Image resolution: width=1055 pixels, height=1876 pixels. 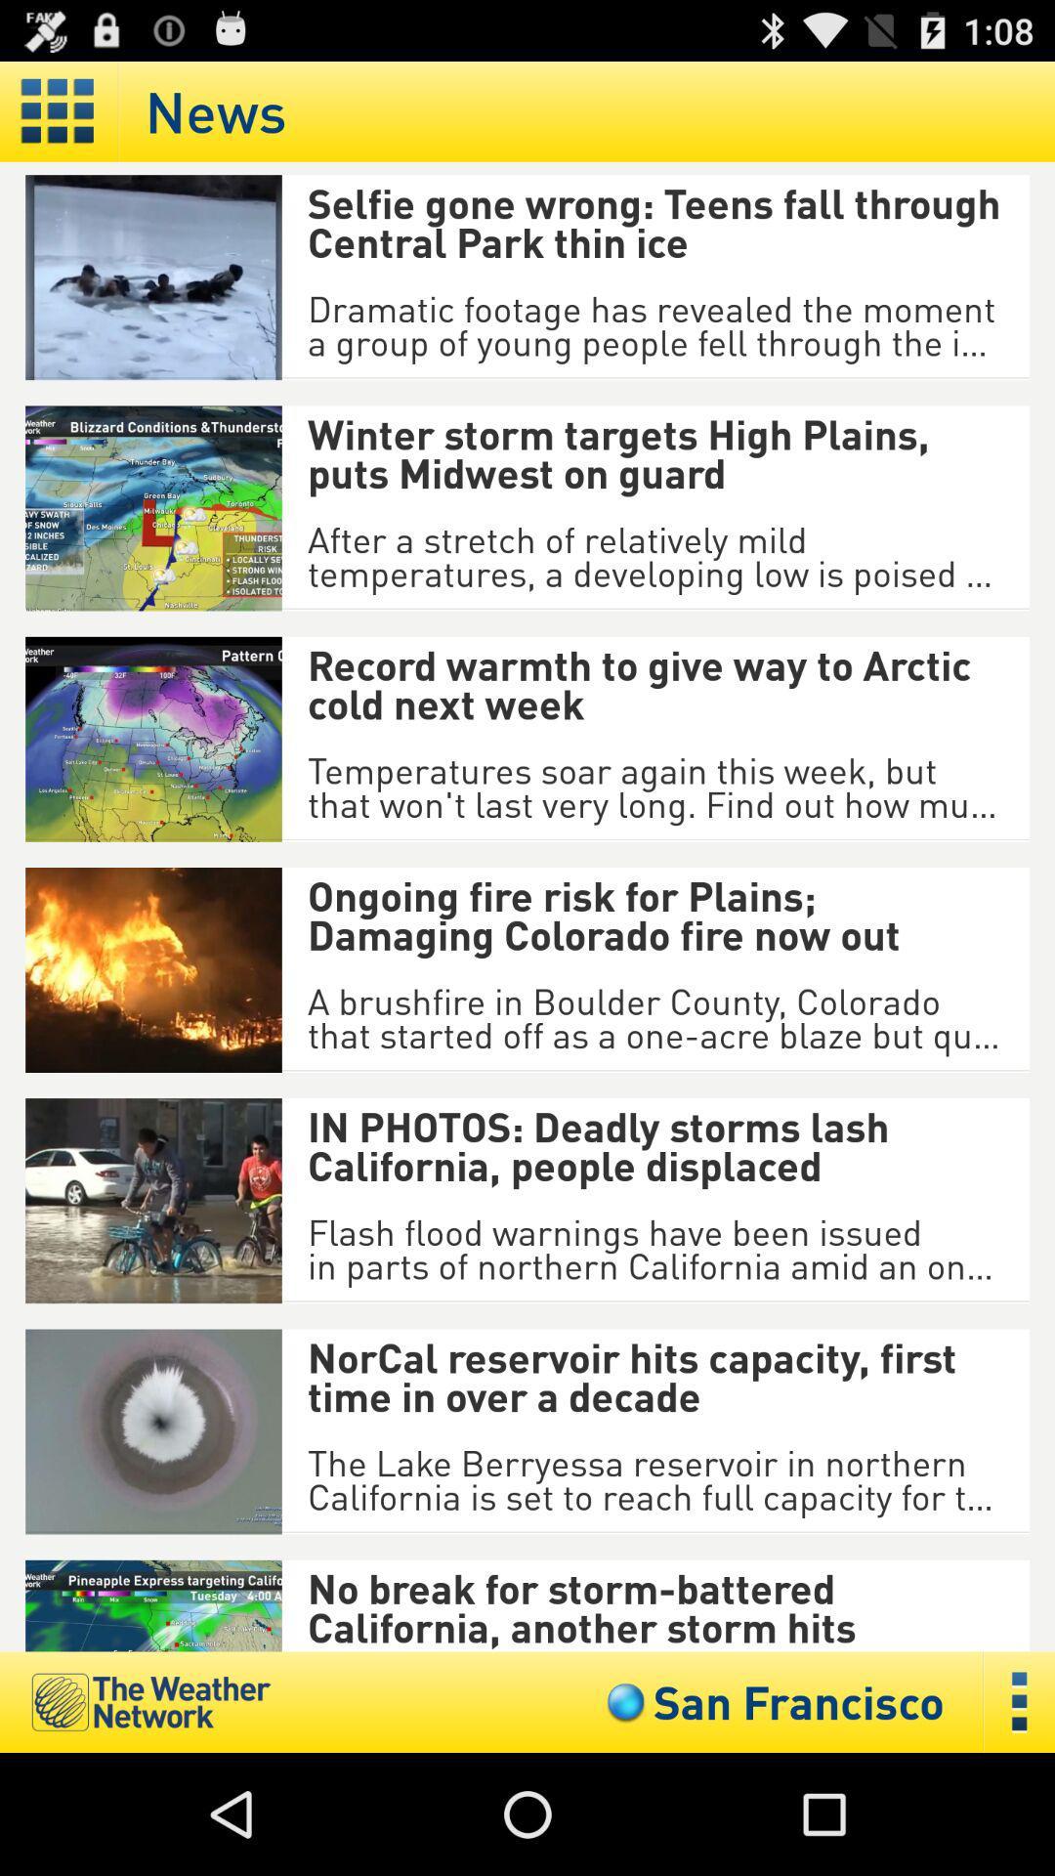 I want to click on open list, so click(x=1019, y=1701).